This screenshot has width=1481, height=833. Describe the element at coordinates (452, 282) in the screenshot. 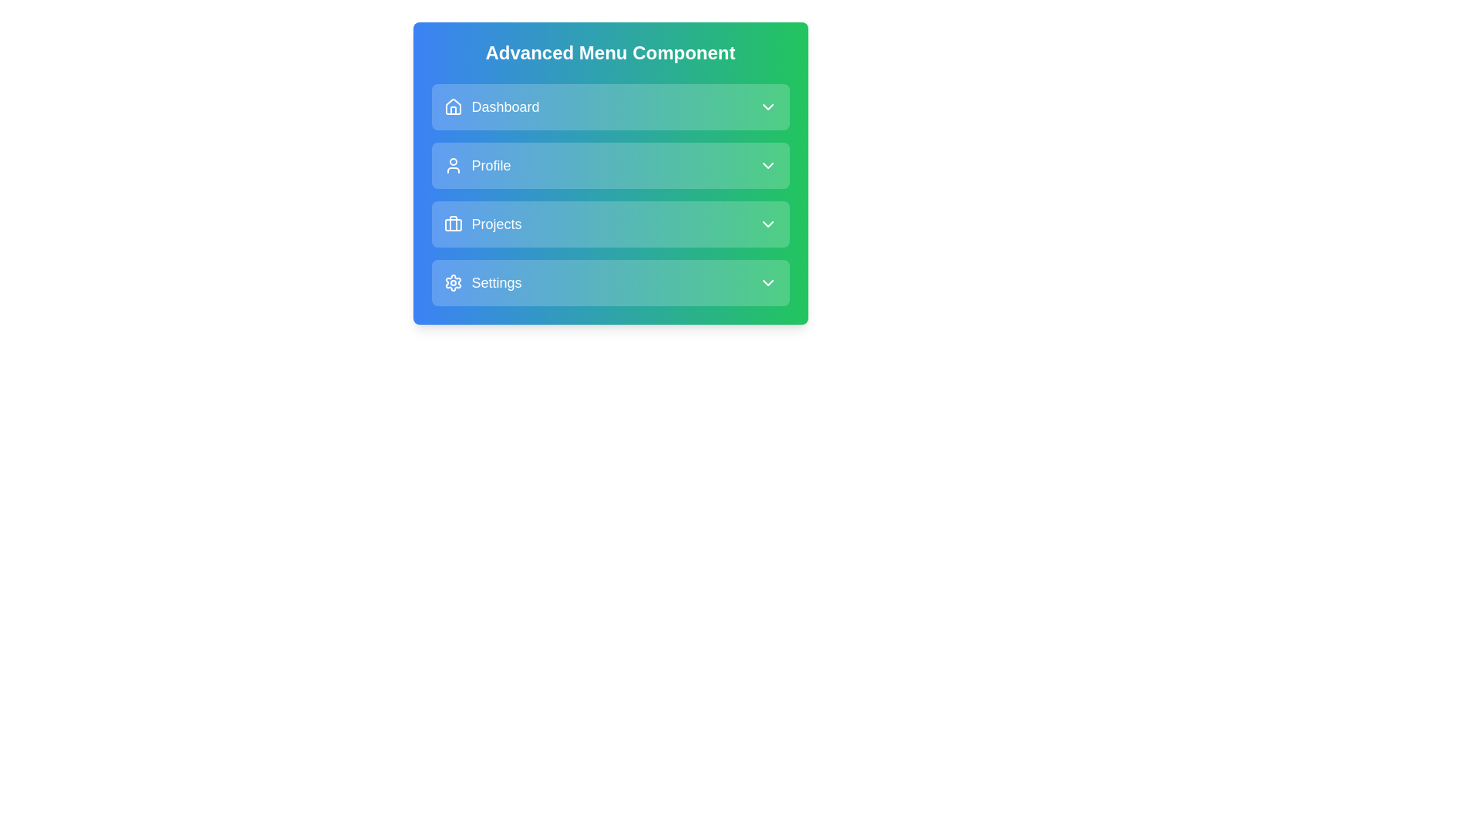

I see `the settings cogwheel icon located` at that location.